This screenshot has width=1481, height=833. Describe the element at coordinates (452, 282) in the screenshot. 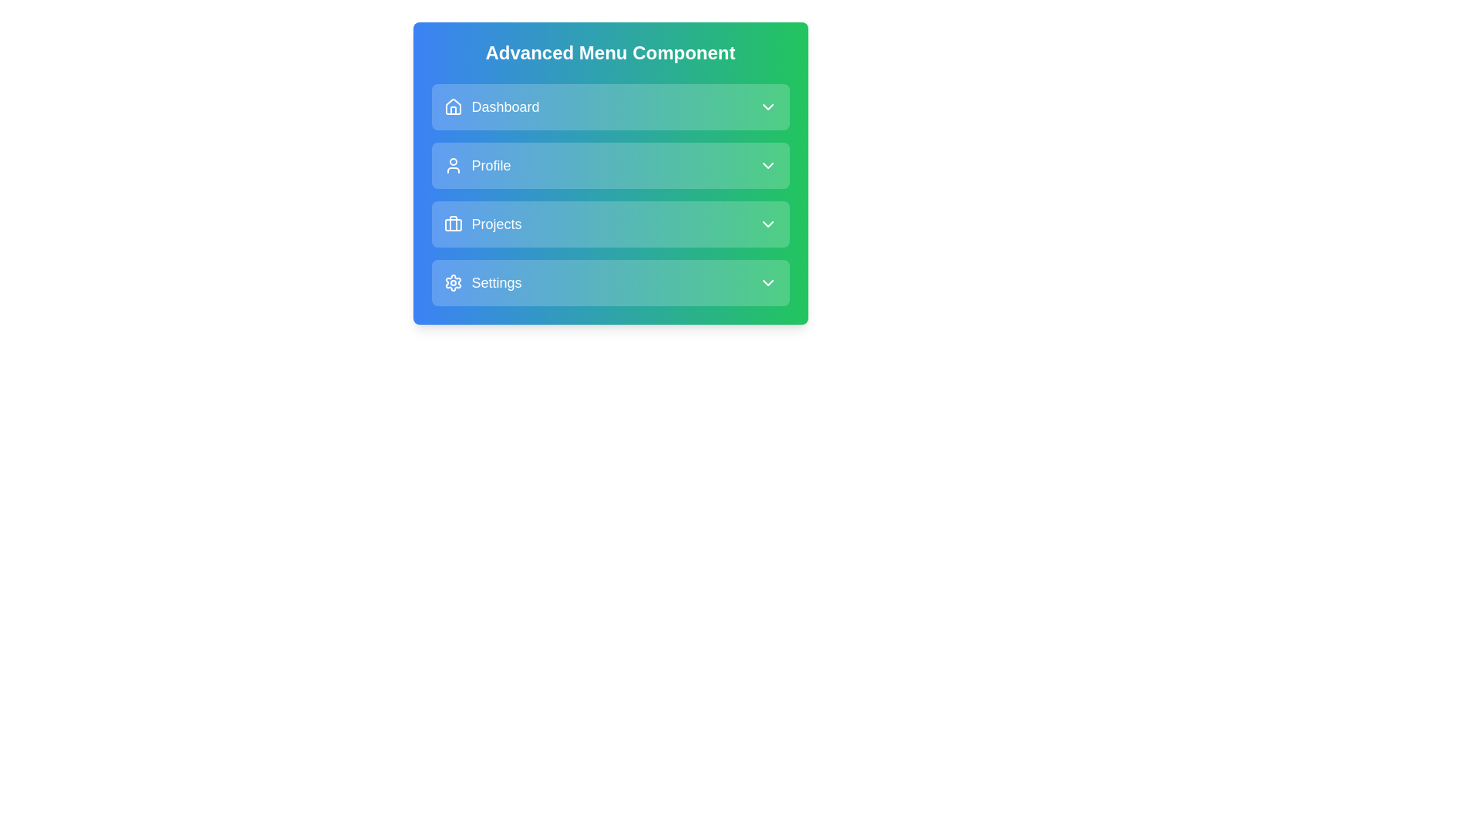

I see `the settings cogwheel icon located` at that location.